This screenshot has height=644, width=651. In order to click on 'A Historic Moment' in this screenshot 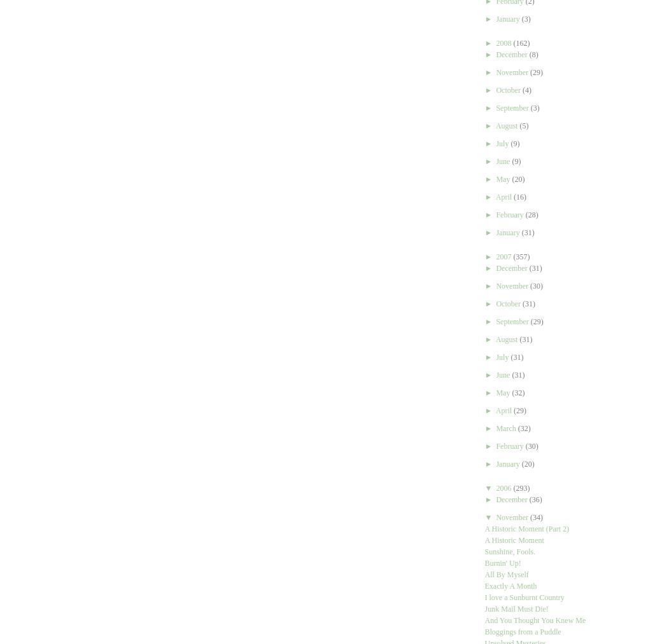, I will do `click(514, 540)`.